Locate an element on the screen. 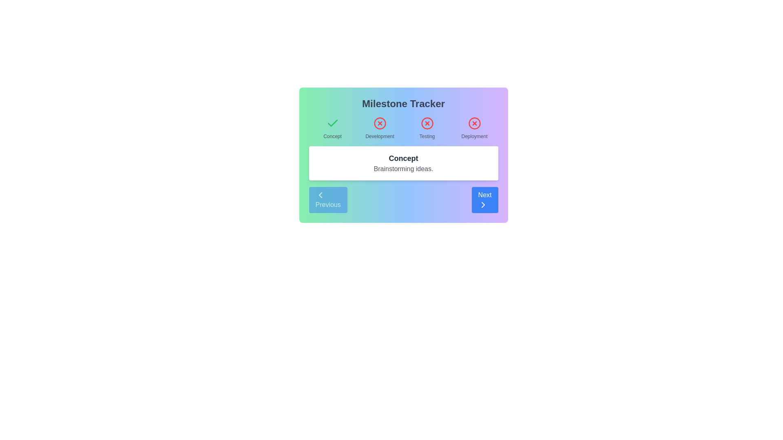 The height and width of the screenshot is (440, 783). the status of the 'Concept' milestone completion icon, which is located to the leftmost side of the milestone indicators and above the label 'Concept' is located at coordinates (332, 123).